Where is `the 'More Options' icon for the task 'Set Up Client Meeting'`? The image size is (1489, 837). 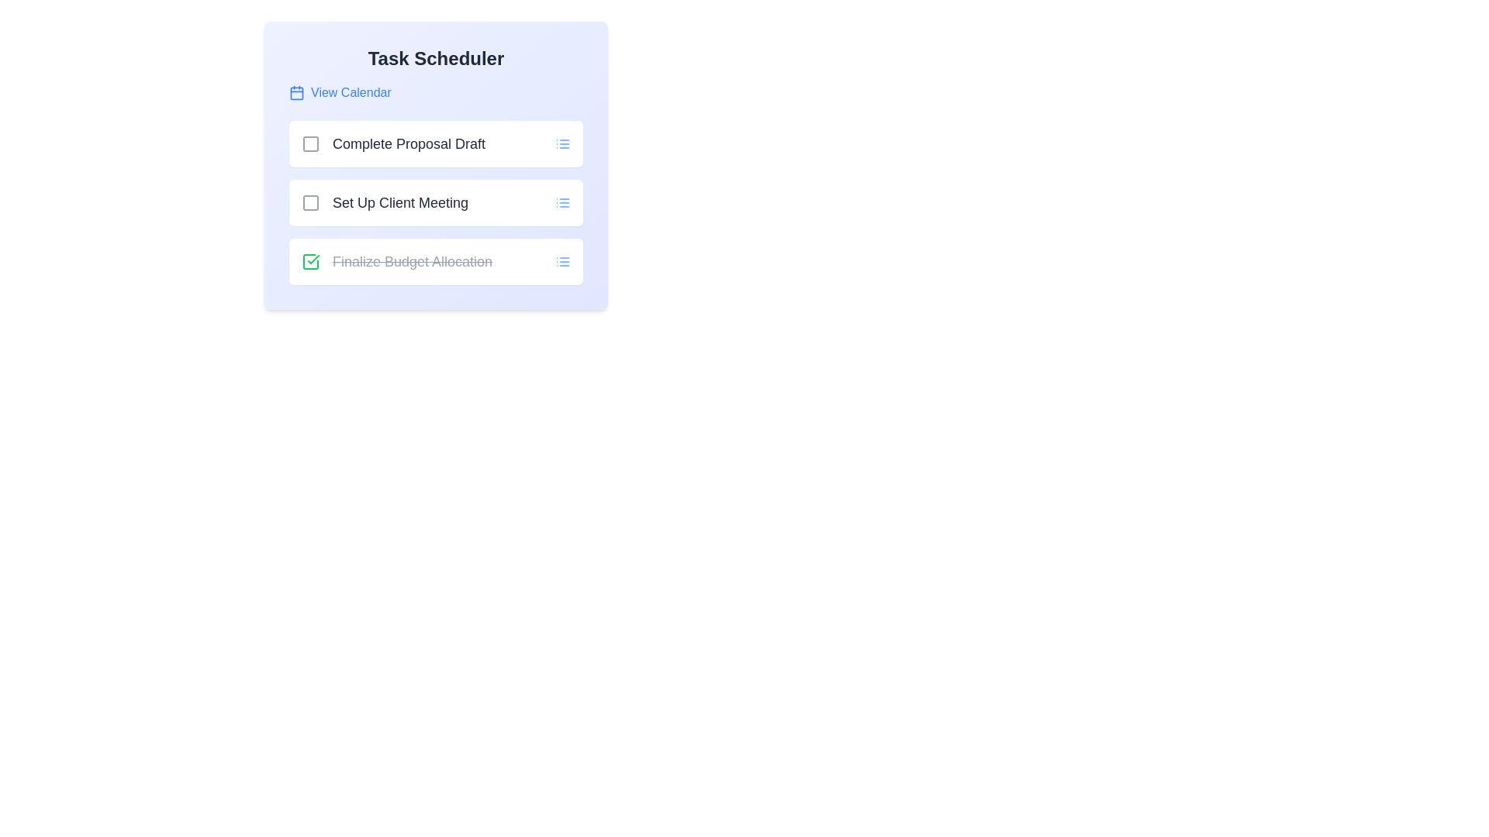
the 'More Options' icon for the task 'Set Up Client Meeting' is located at coordinates (561, 202).